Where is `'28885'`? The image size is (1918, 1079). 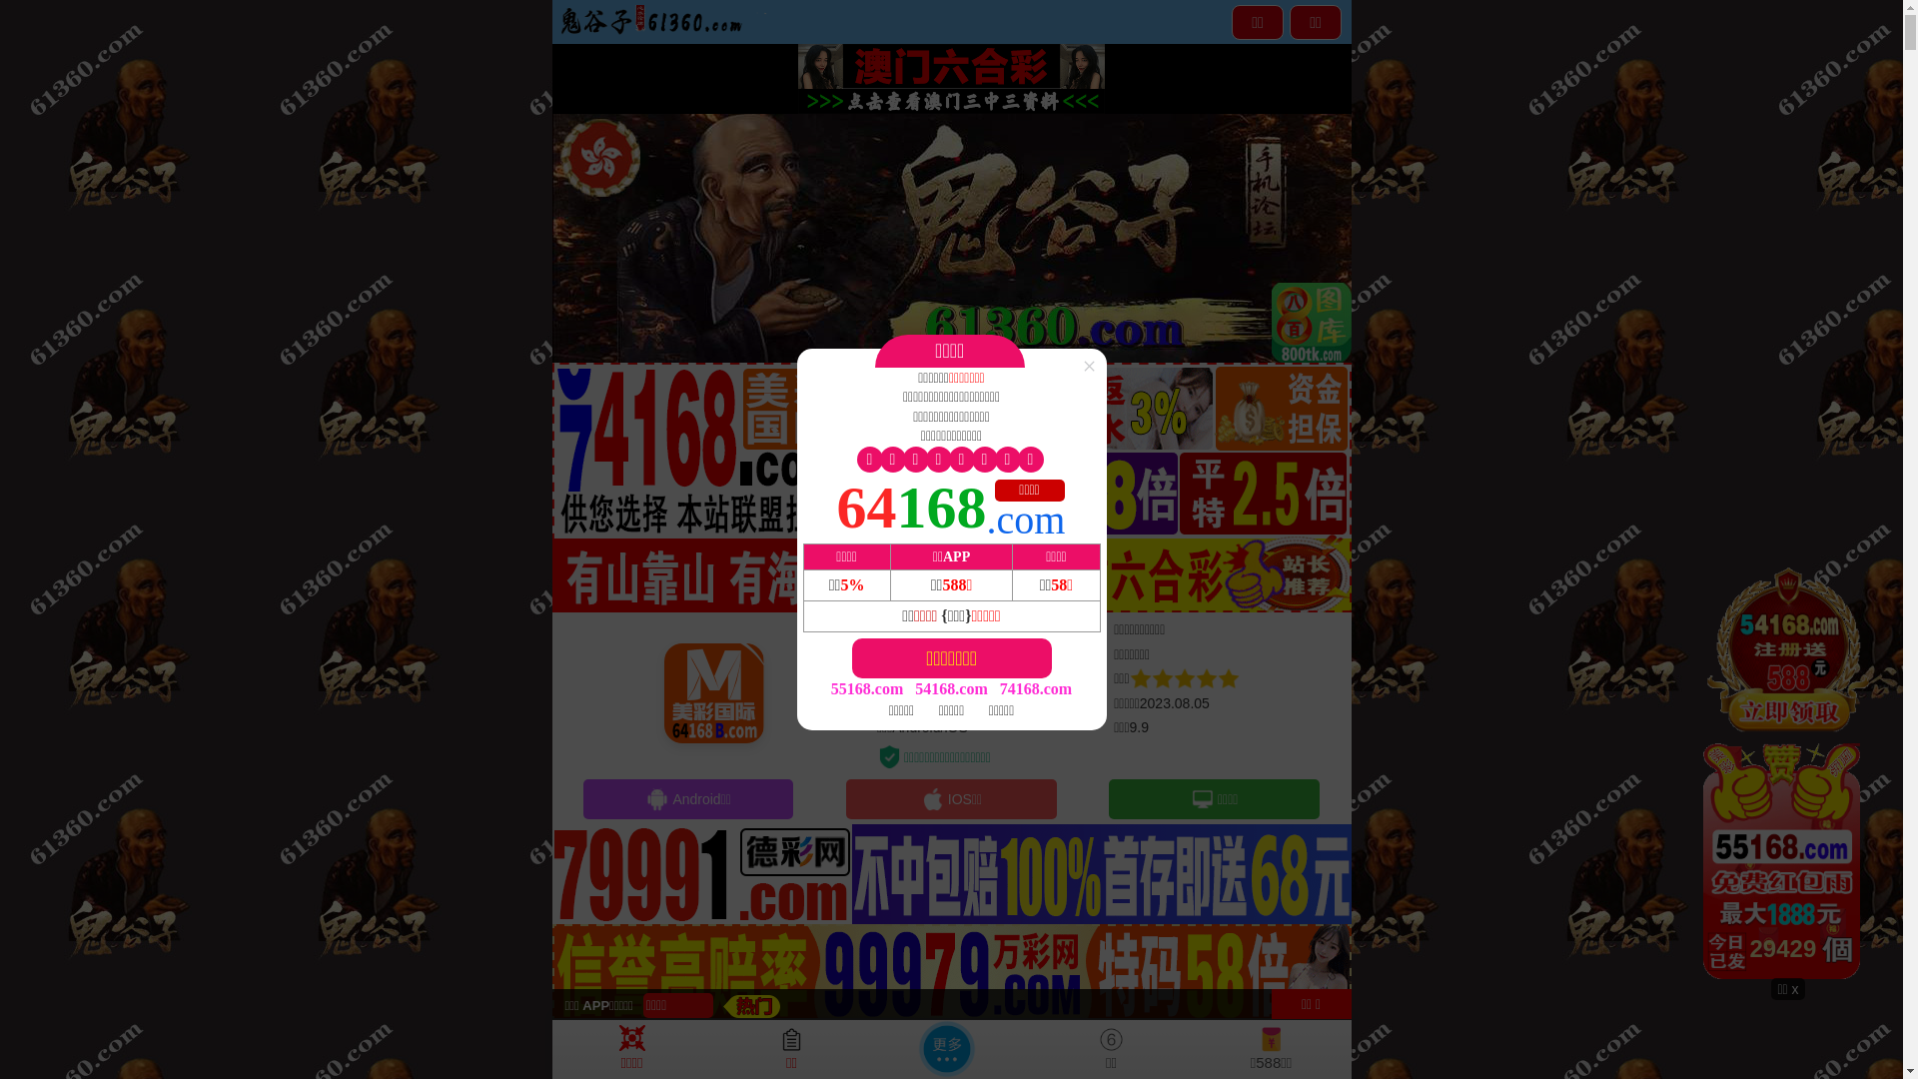
'28885' is located at coordinates (1788, 769).